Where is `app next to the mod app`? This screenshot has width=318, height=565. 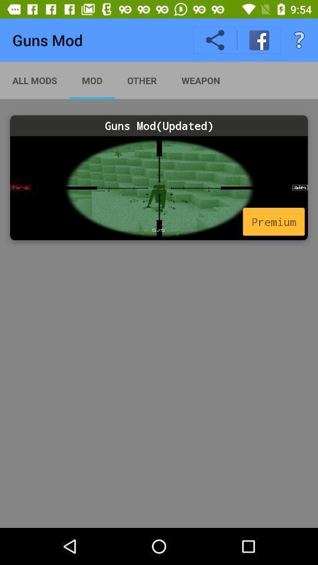
app next to the mod app is located at coordinates (35, 79).